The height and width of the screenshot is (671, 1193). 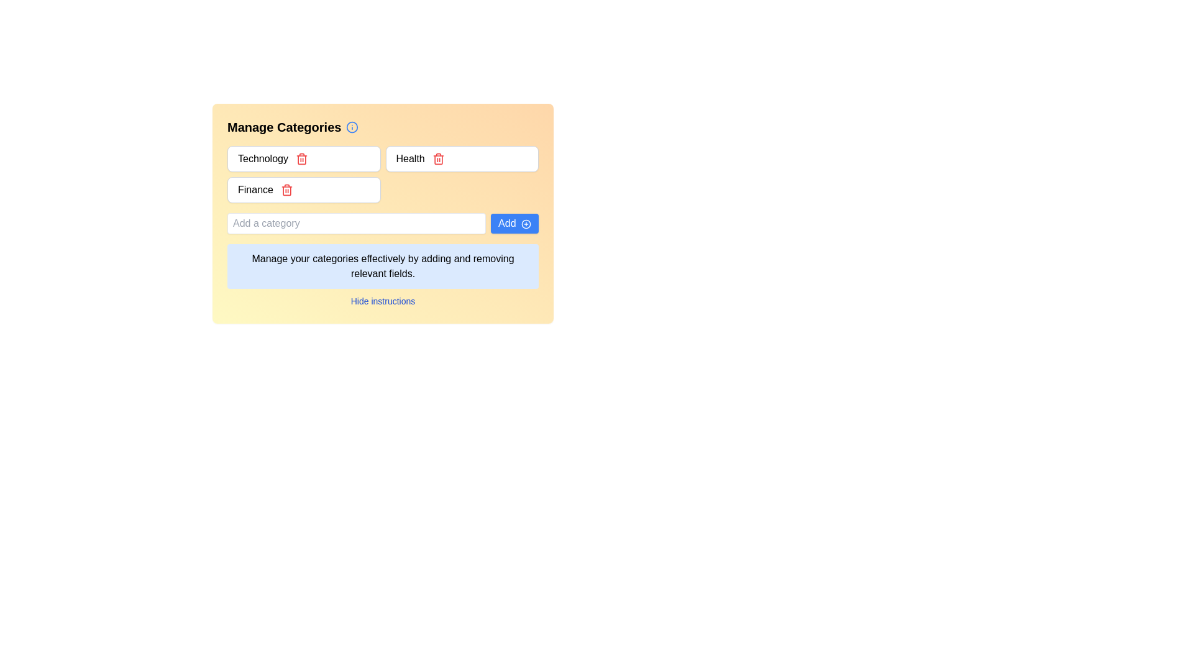 I want to click on the information icon located to the right of the 'Manage Categories' header to retrieve additional information about managing categories, so click(x=352, y=127).